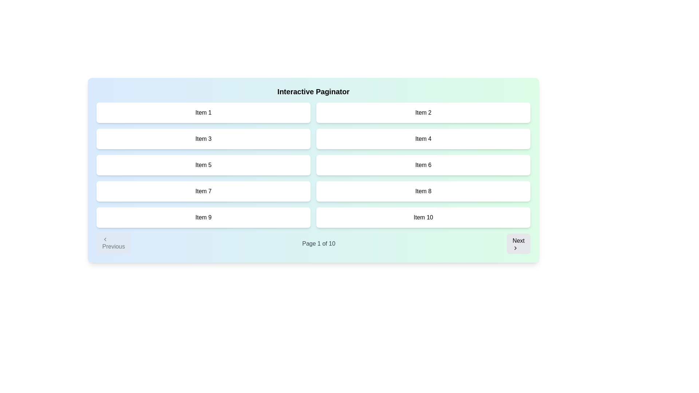  What do you see at coordinates (423, 191) in the screenshot?
I see `the text label identifying 'Item 8' in the second row, fifth column of the paginator grid` at bounding box center [423, 191].